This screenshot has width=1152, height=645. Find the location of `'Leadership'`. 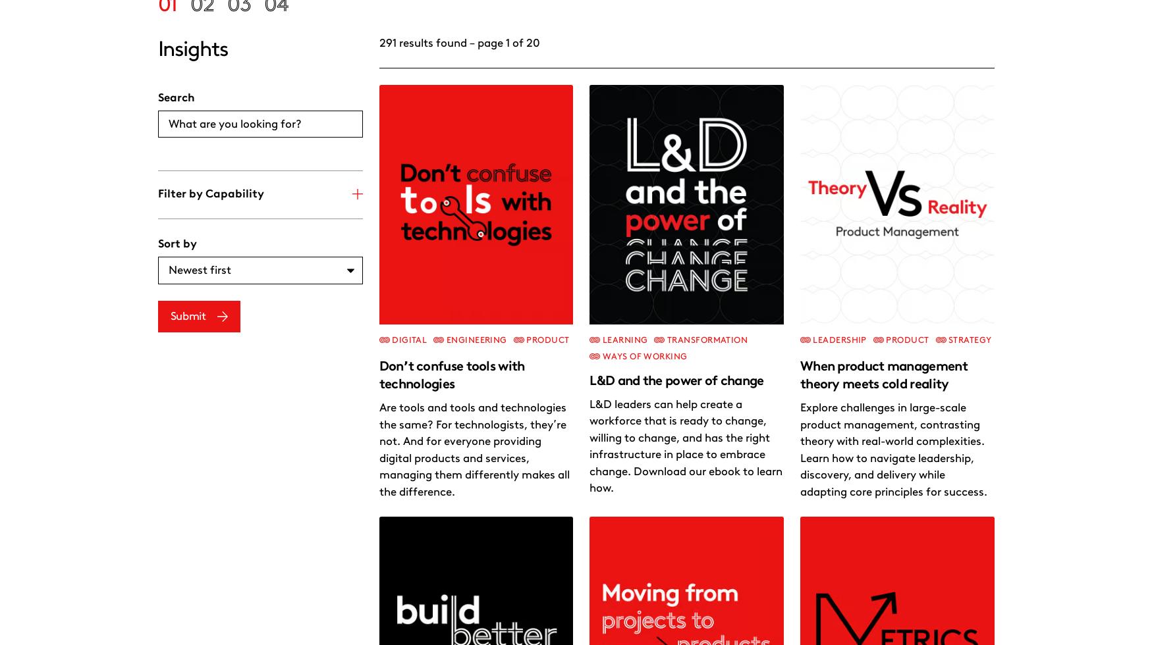

'Leadership' is located at coordinates (627, 240).